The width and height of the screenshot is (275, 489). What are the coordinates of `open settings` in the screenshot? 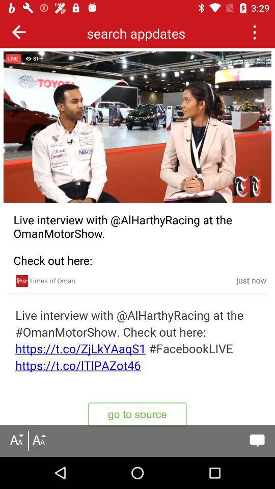 It's located at (254, 32).